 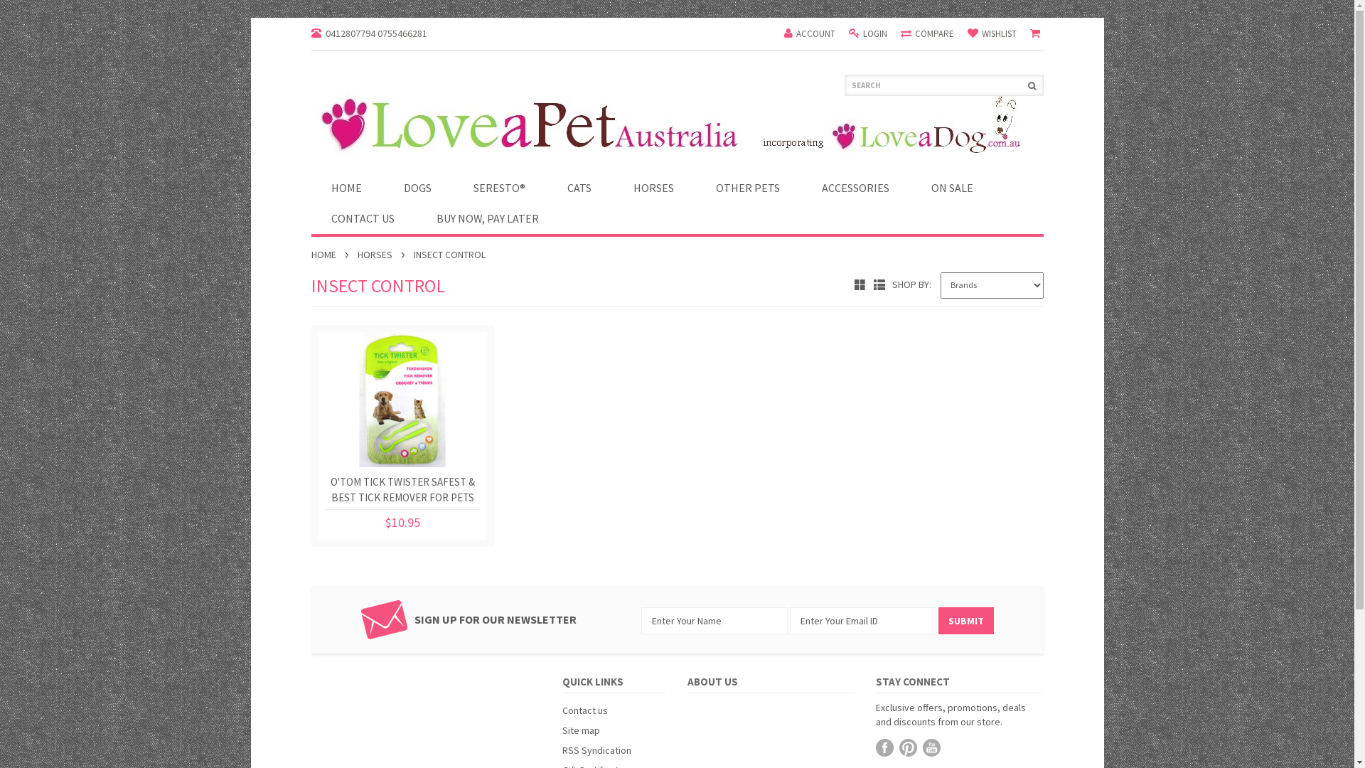 What do you see at coordinates (926, 33) in the screenshot?
I see `'COMPARE'` at bounding box center [926, 33].